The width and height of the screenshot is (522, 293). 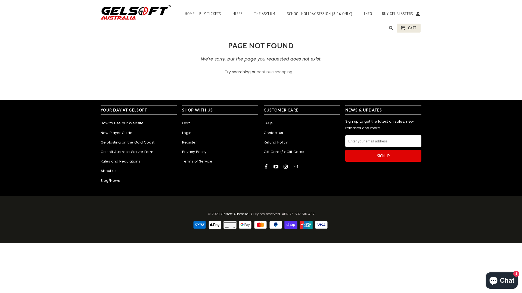 What do you see at coordinates (415, 14) in the screenshot?
I see `'My Account '` at bounding box center [415, 14].